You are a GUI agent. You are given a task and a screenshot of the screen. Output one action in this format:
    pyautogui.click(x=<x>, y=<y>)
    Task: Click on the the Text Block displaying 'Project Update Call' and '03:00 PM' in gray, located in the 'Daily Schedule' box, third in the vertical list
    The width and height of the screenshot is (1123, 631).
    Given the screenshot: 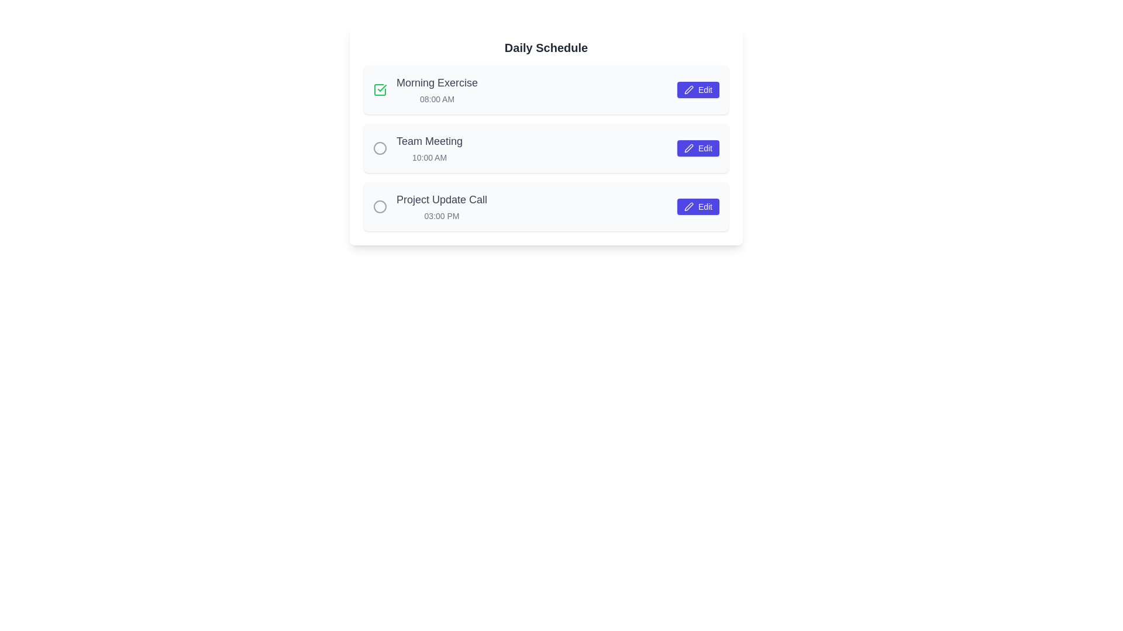 What is the action you would take?
    pyautogui.click(x=441, y=206)
    